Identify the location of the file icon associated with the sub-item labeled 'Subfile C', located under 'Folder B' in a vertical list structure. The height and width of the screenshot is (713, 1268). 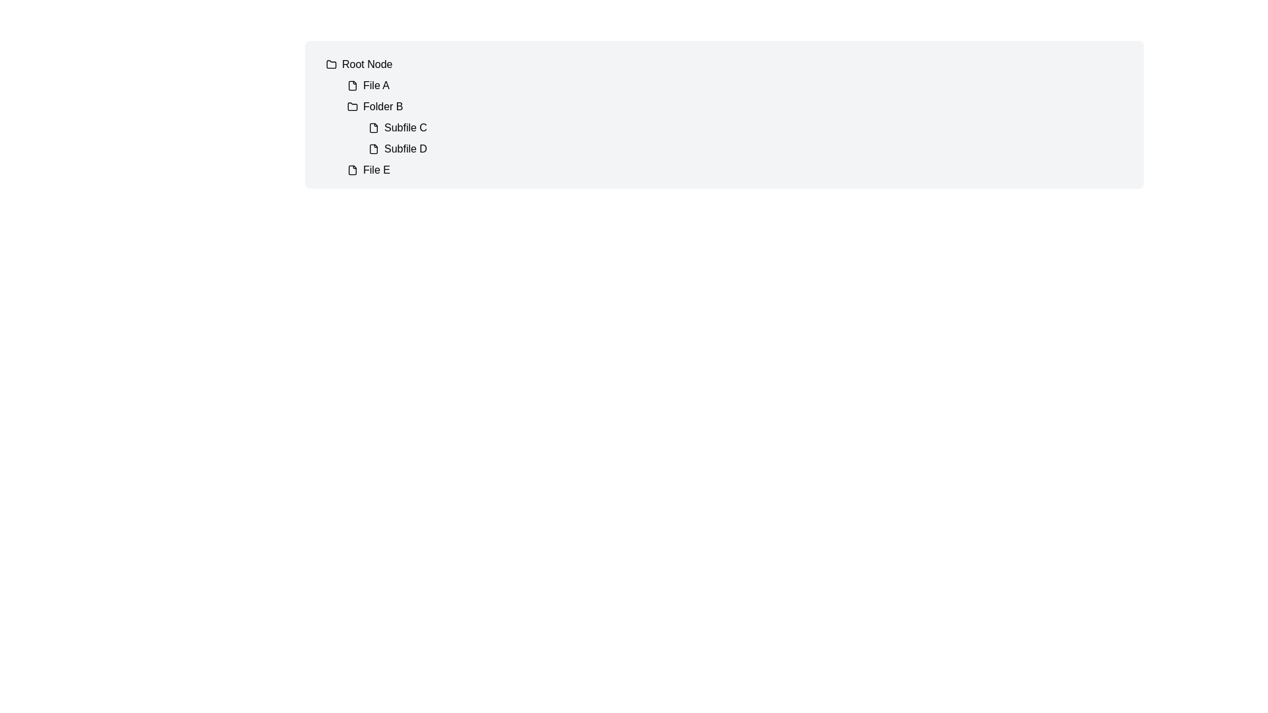
(373, 127).